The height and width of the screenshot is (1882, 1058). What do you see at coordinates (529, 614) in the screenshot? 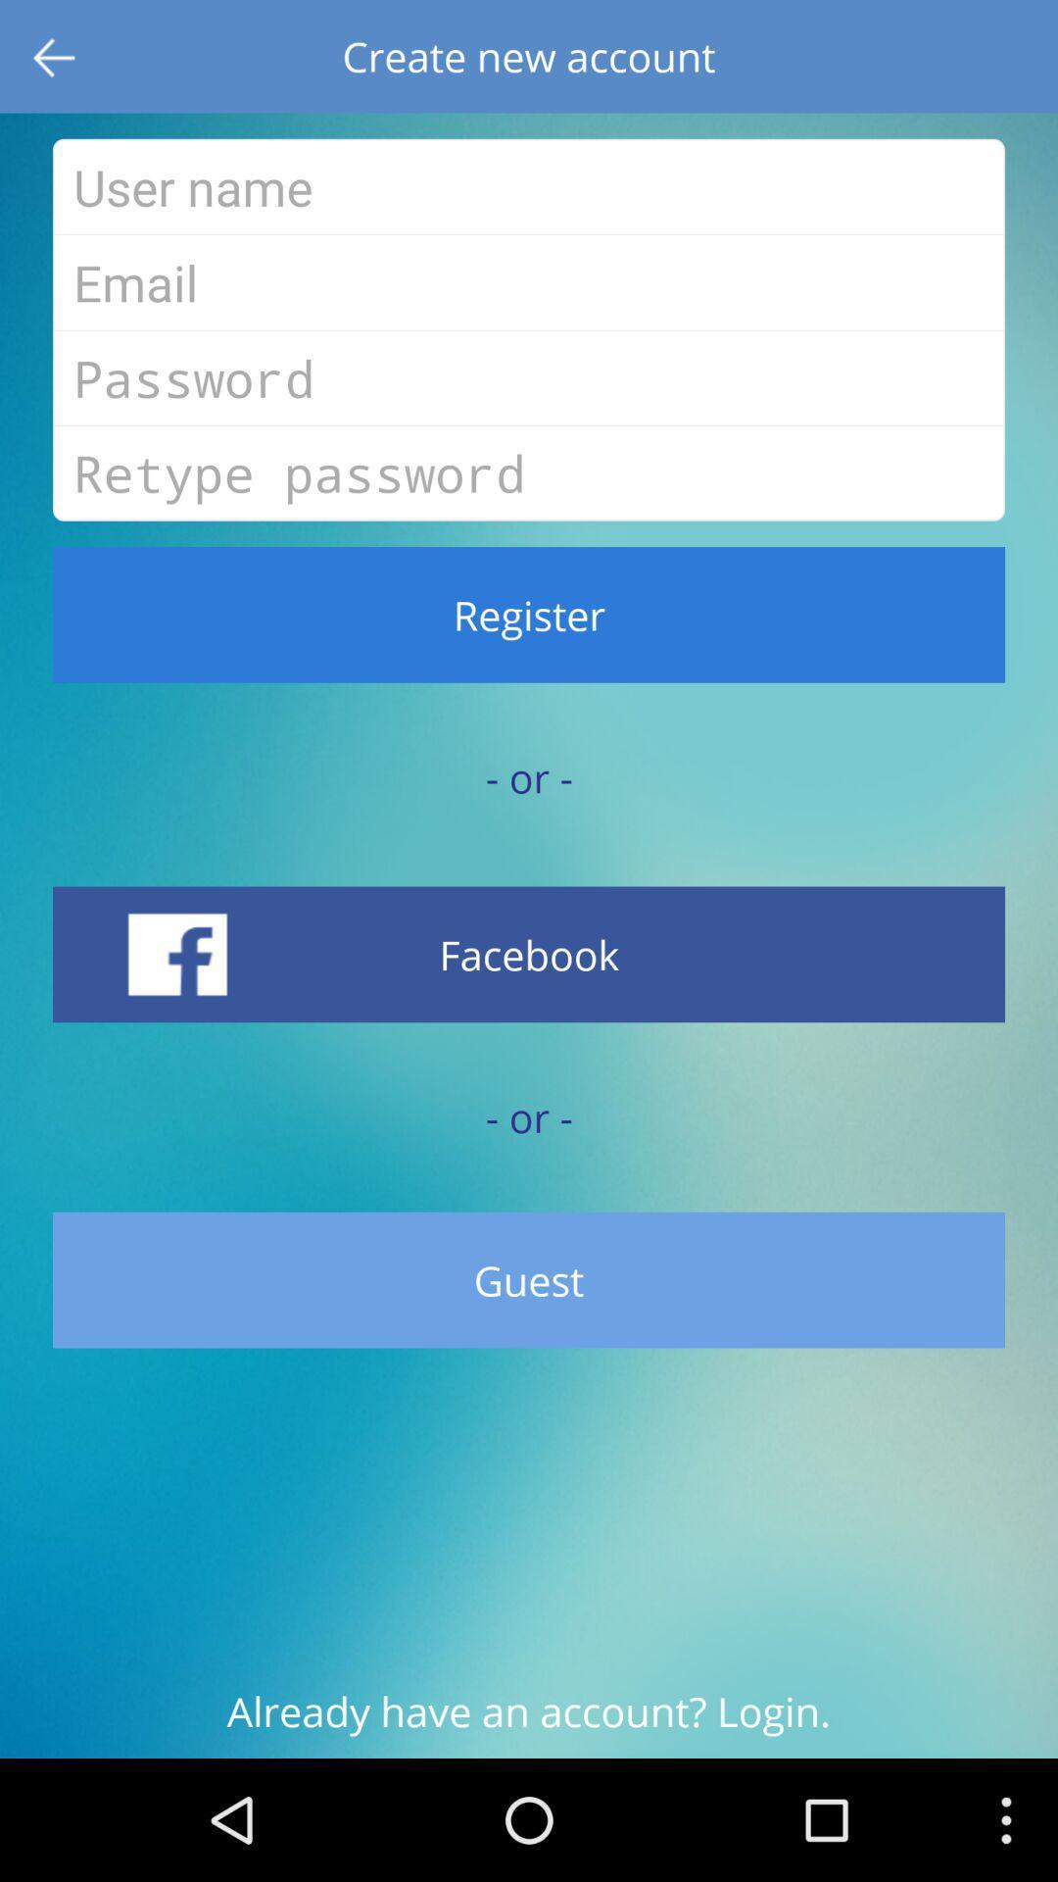
I see `the icon above - or - item` at bounding box center [529, 614].